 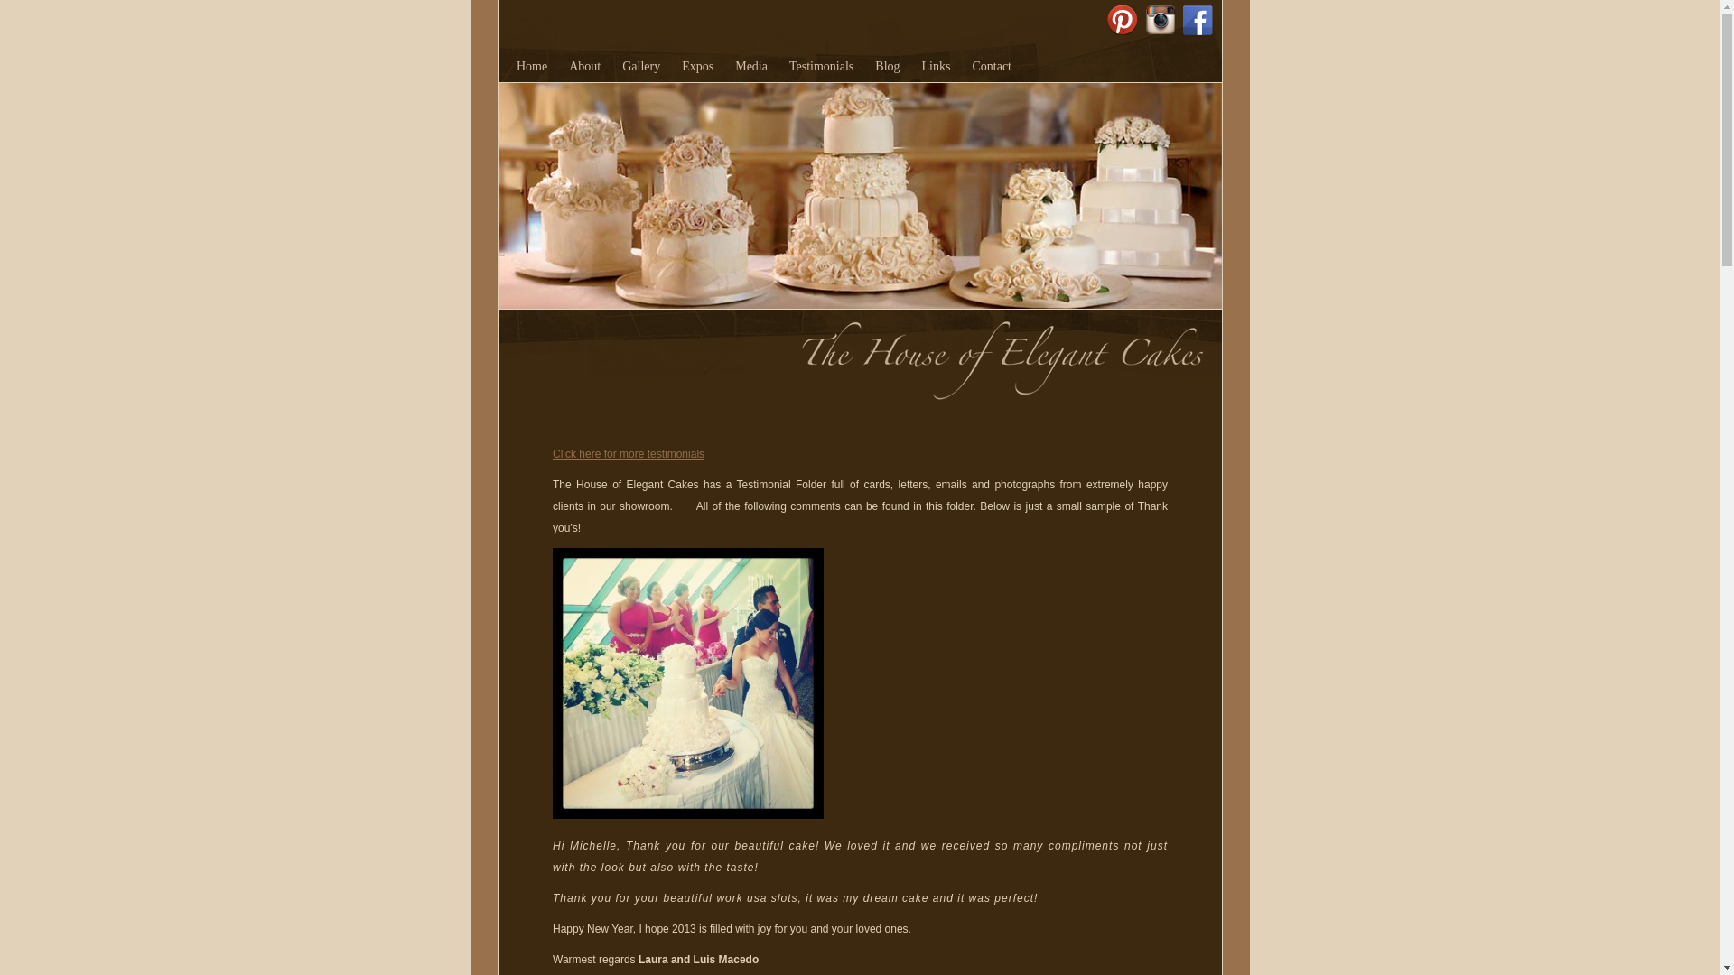 What do you see at coordinates (991, 65) in the screenshot?
I see `'Contact'` at bounding box center [991, 65].